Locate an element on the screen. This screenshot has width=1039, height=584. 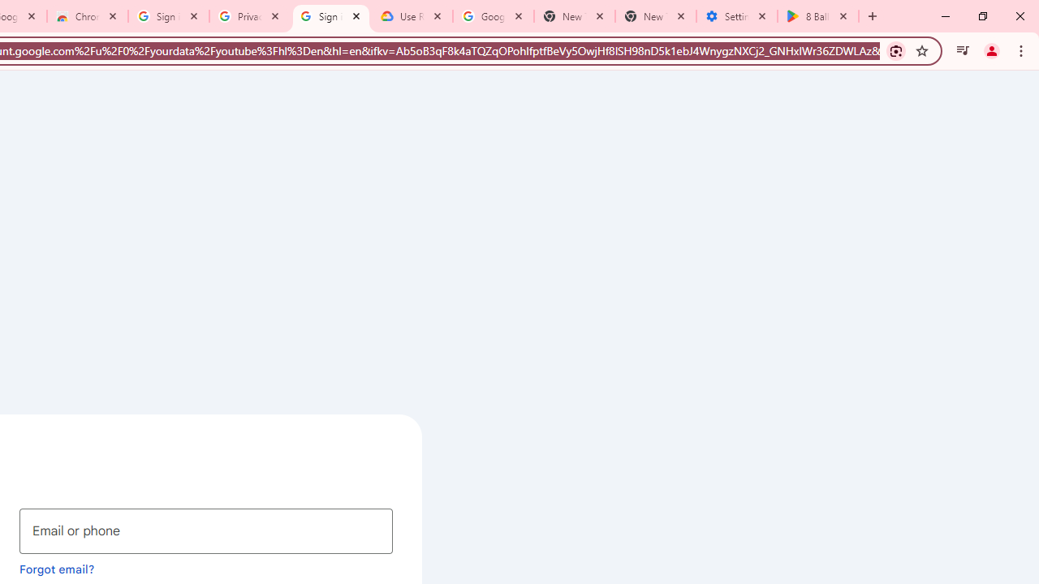
'Control your music, videos, and more' is located at coordinates (962, 49).